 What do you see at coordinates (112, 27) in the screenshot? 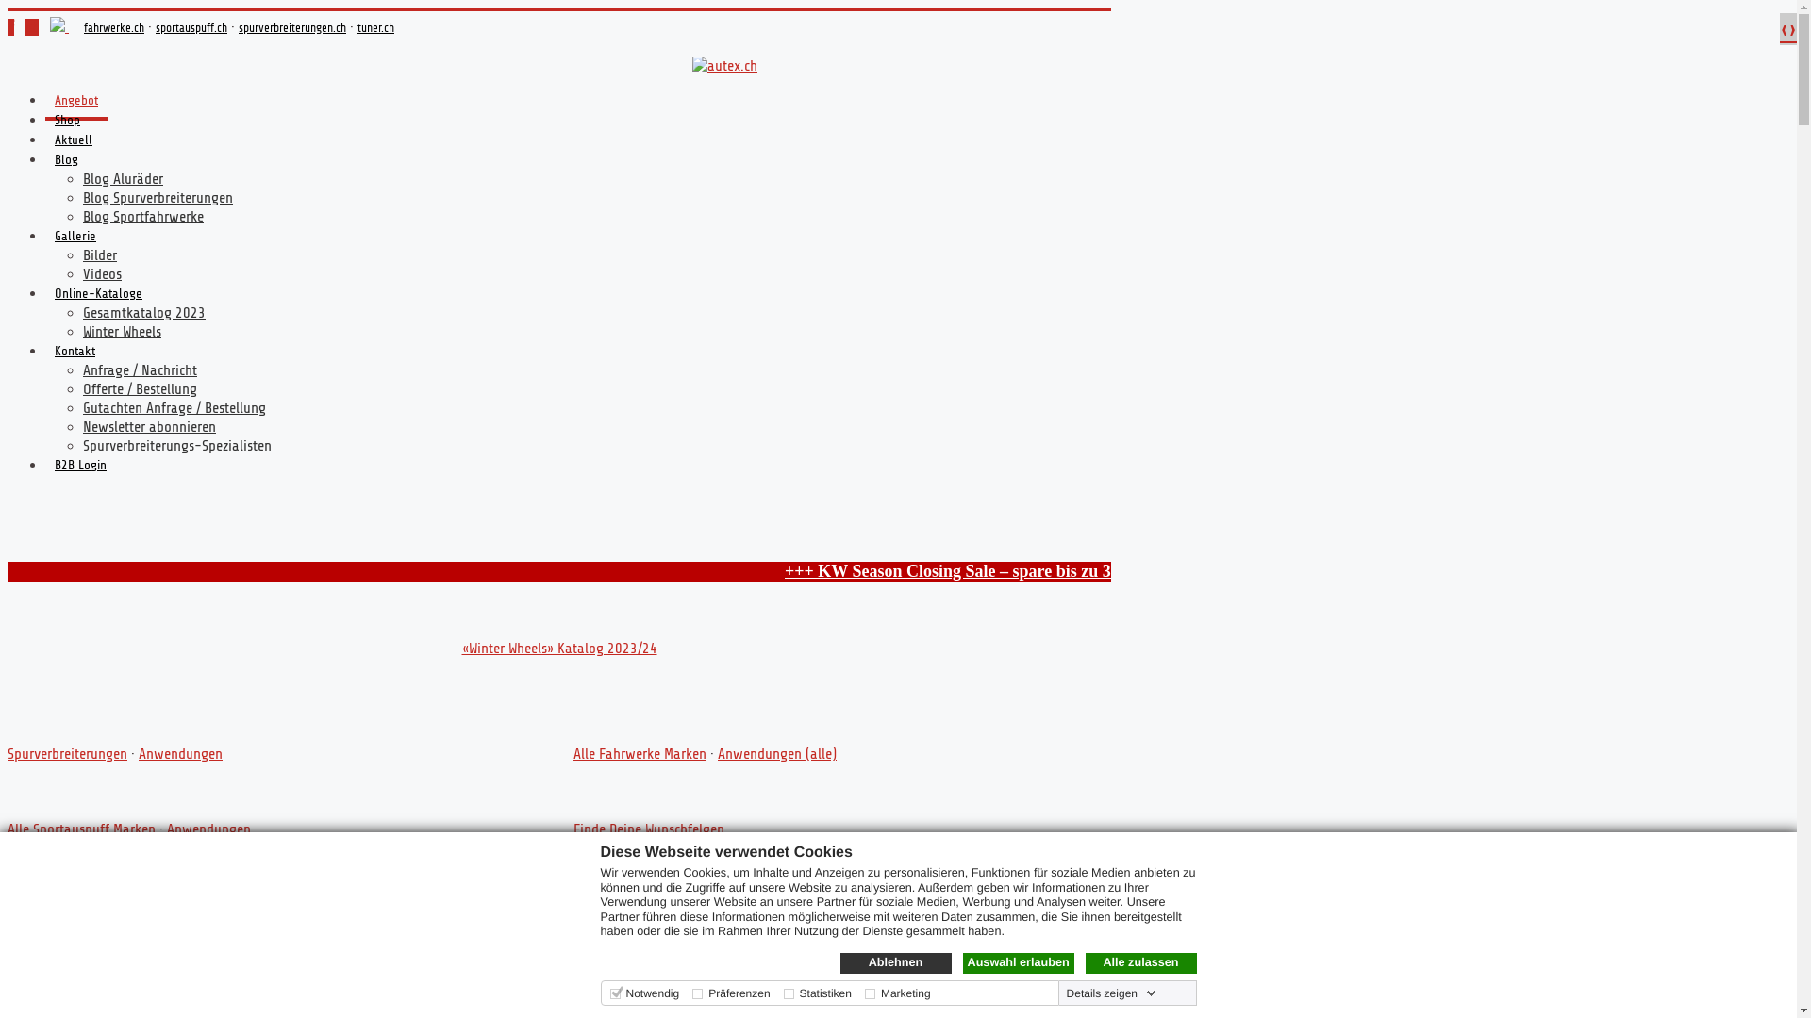
I see `'fahrwerke.ch'` at bounding box center [112, 27].